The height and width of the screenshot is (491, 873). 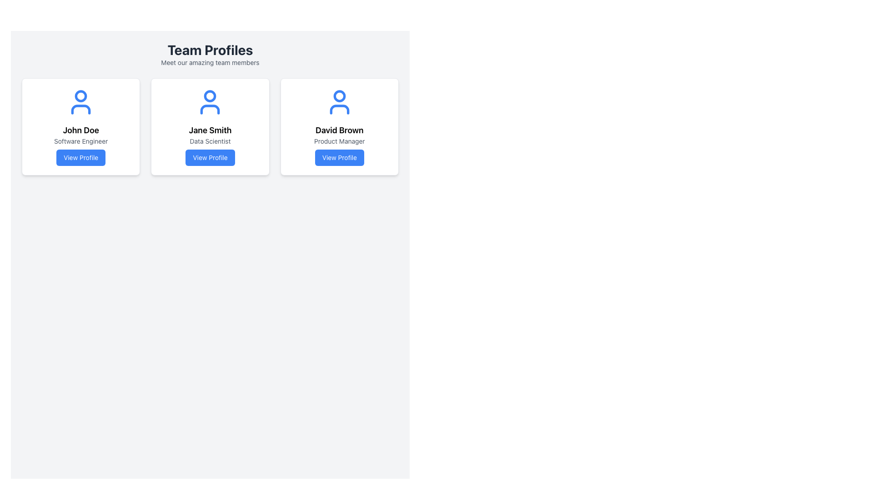 I want to click on the text display showing 'Data Scientist' which is styled as a secondary detail beneath the name 'Jane Smith' in the profile card, so click(x=210, y=141).